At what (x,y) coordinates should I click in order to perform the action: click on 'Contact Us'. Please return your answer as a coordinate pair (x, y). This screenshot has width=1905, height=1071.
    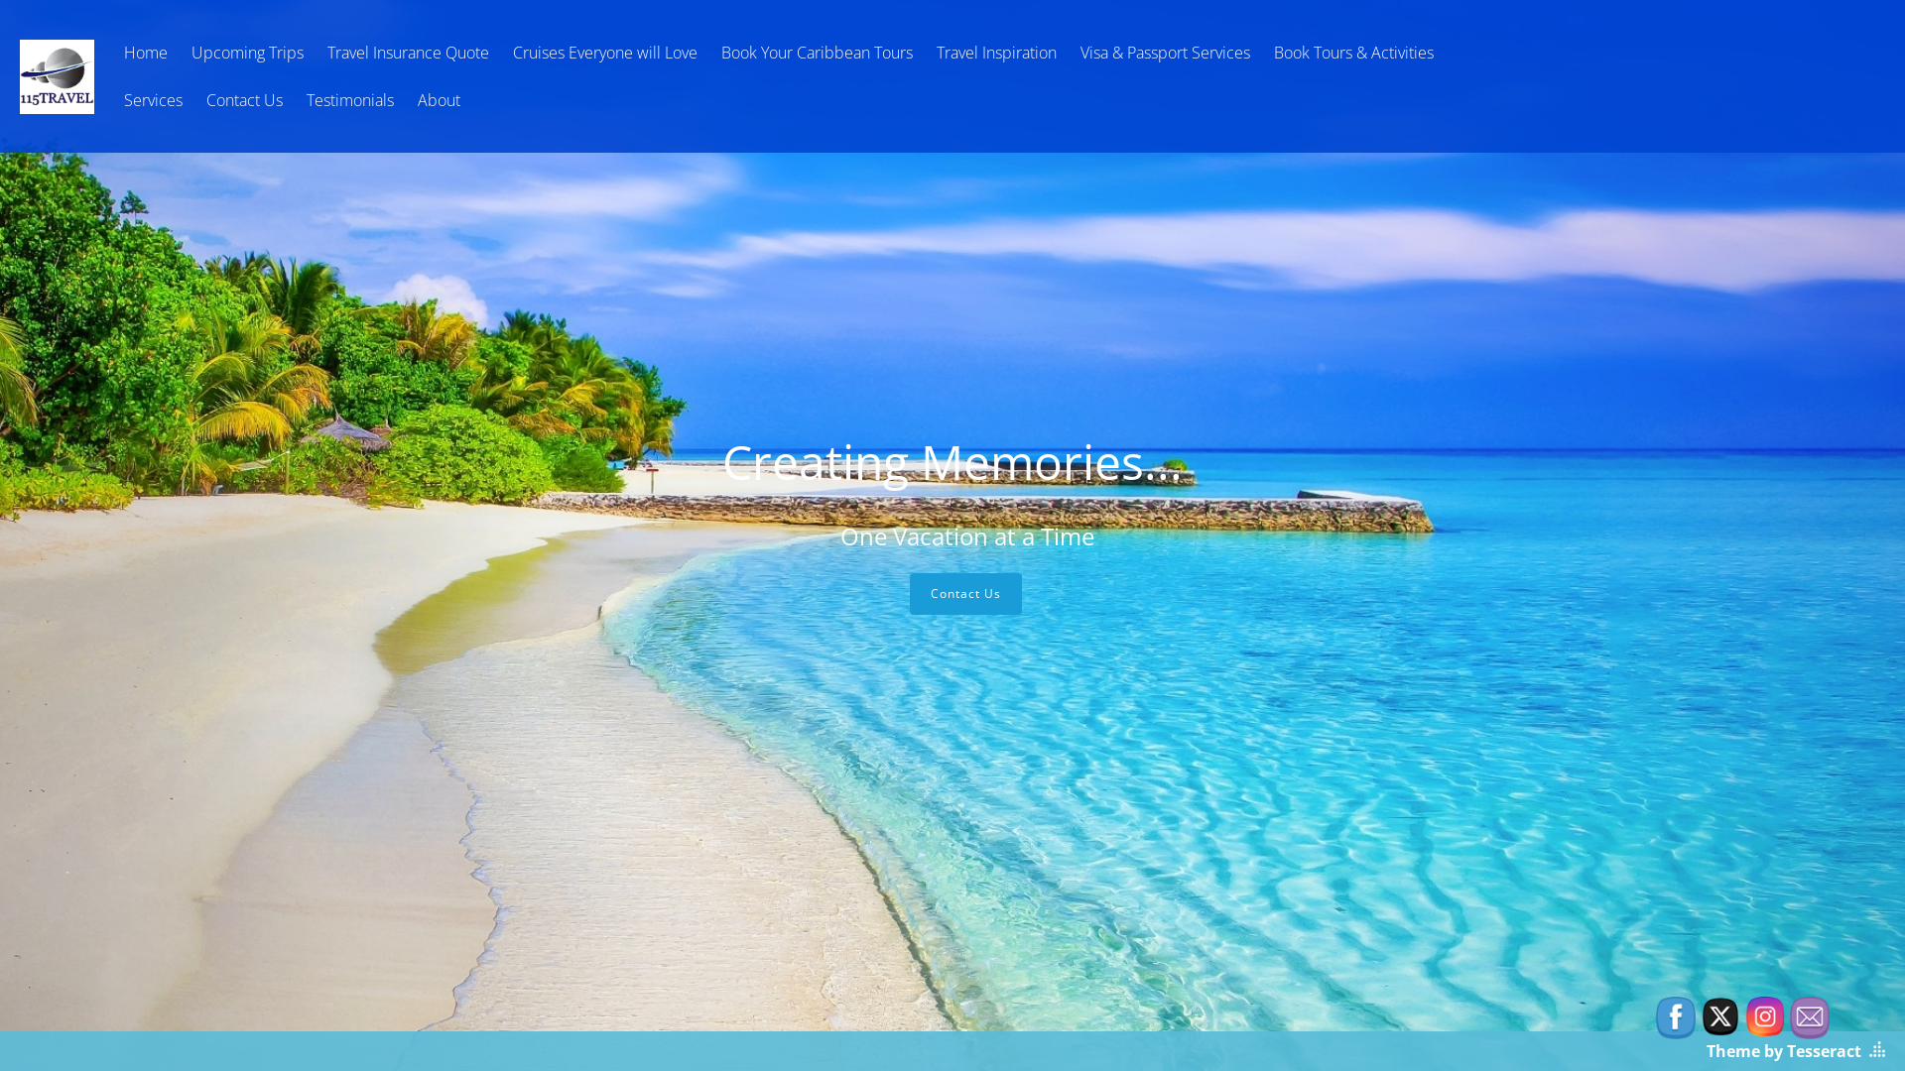
    Looking at the image, I should click on (964, 592).